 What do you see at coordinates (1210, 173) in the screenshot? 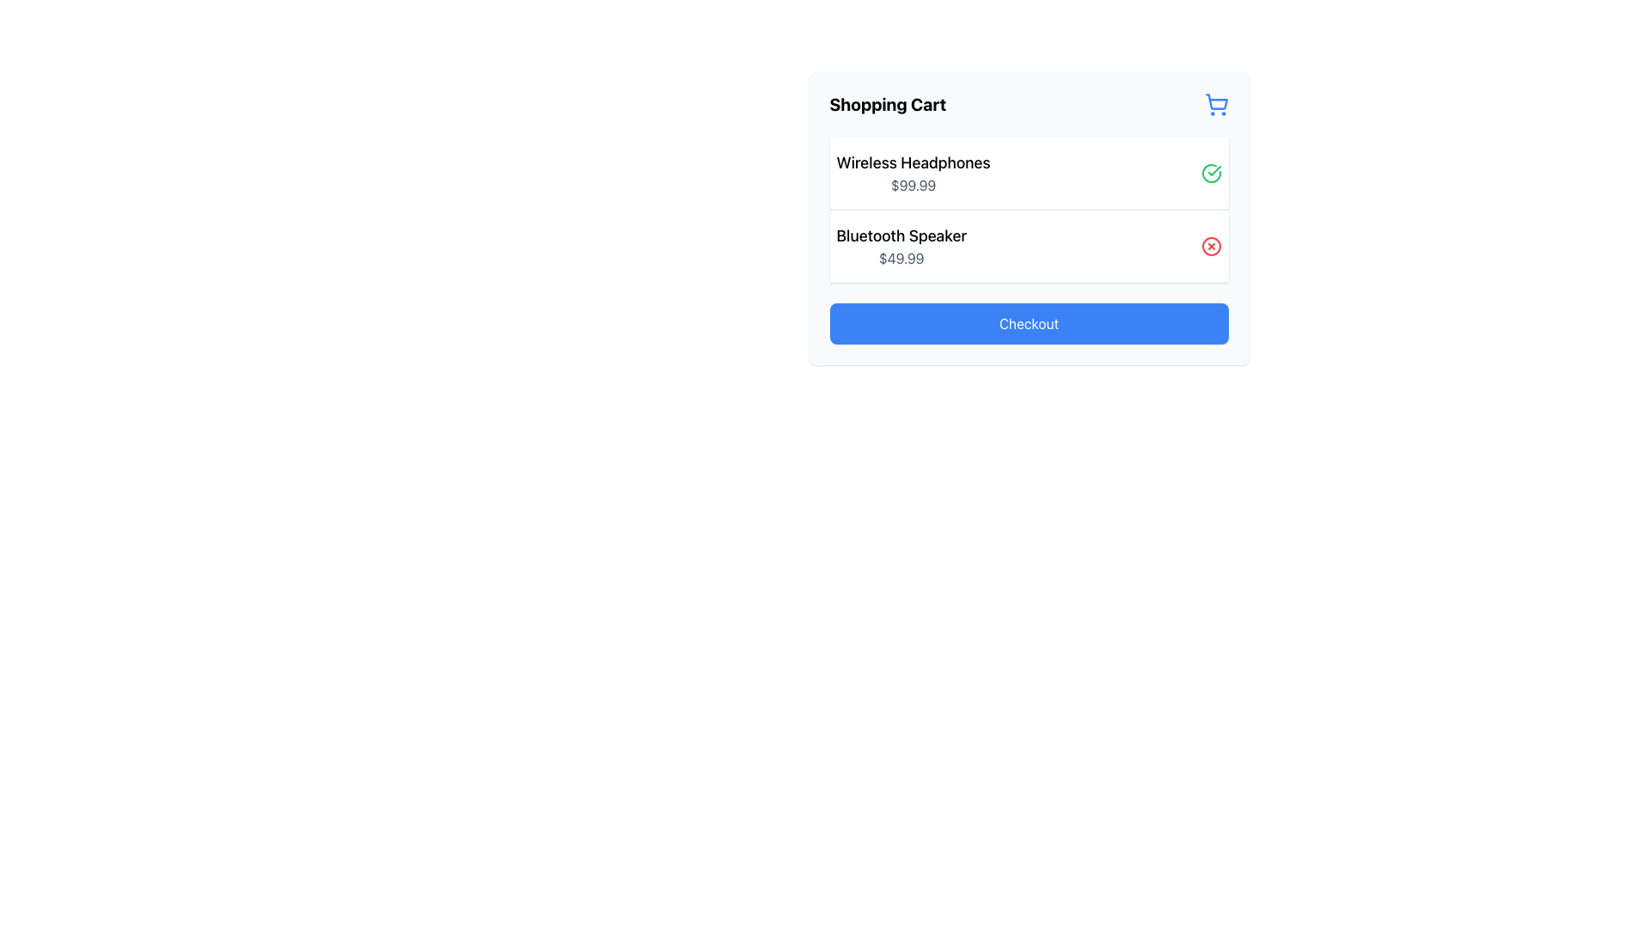
I see `the circular green icon with a checkmark located to the far right of the 'Wireless Headphones' item row in the Shopping Cart interface, next to the text '$99.99'` at bounding box center [1210, 173].